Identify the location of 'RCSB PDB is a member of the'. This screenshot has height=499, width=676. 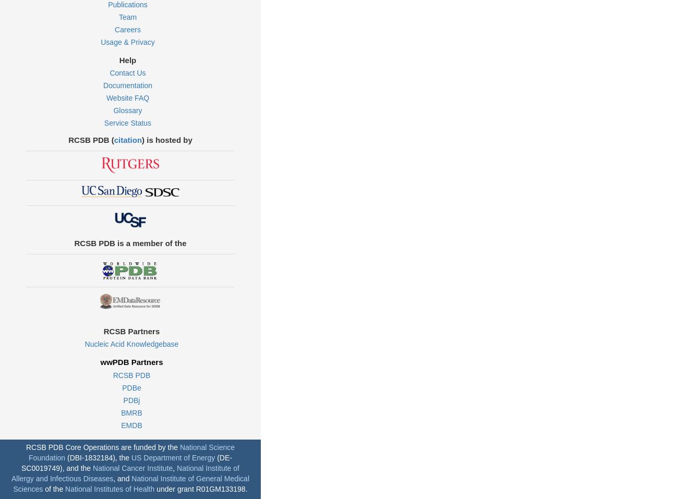
(130, 242).